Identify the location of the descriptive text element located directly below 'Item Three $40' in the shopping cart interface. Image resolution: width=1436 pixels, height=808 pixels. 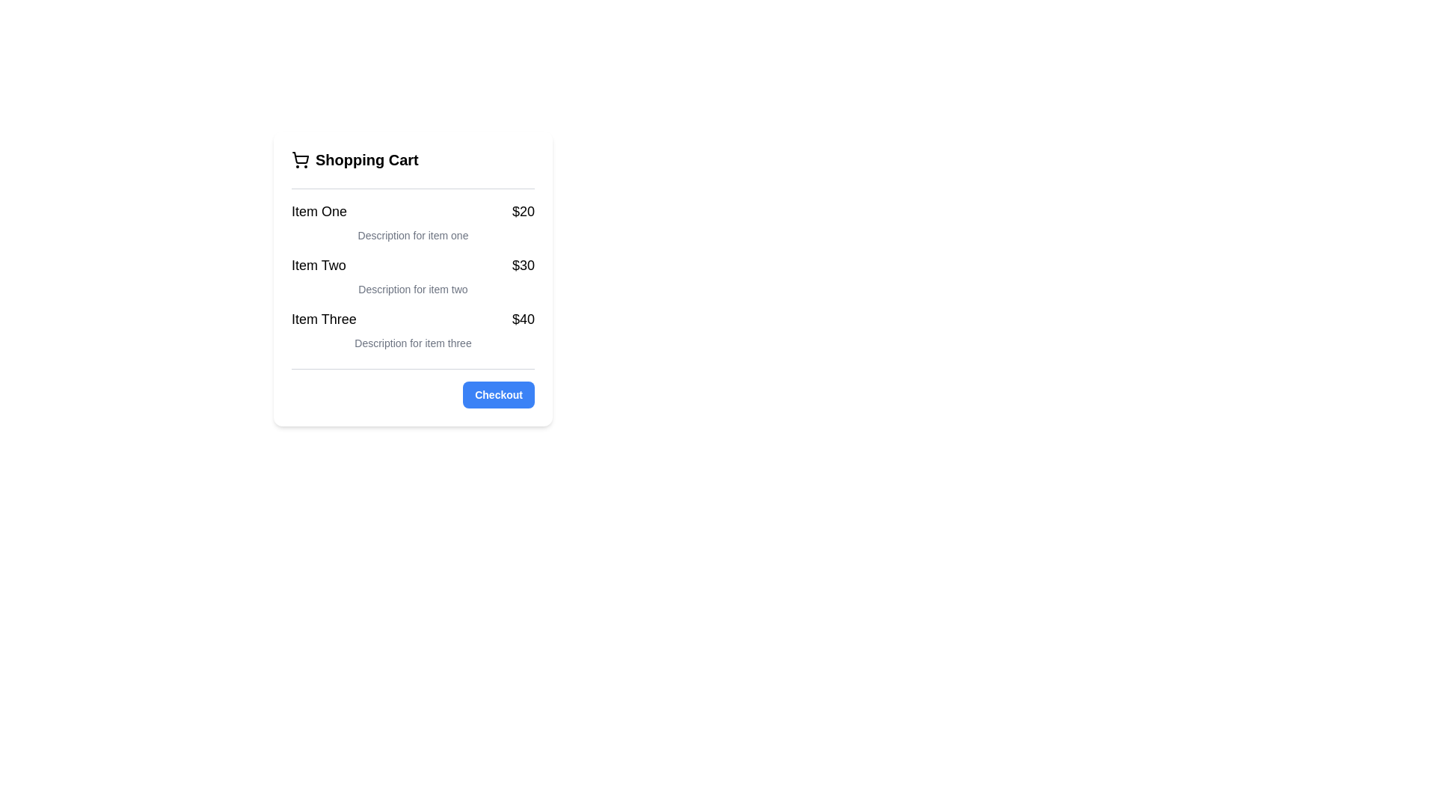
(413, 343).